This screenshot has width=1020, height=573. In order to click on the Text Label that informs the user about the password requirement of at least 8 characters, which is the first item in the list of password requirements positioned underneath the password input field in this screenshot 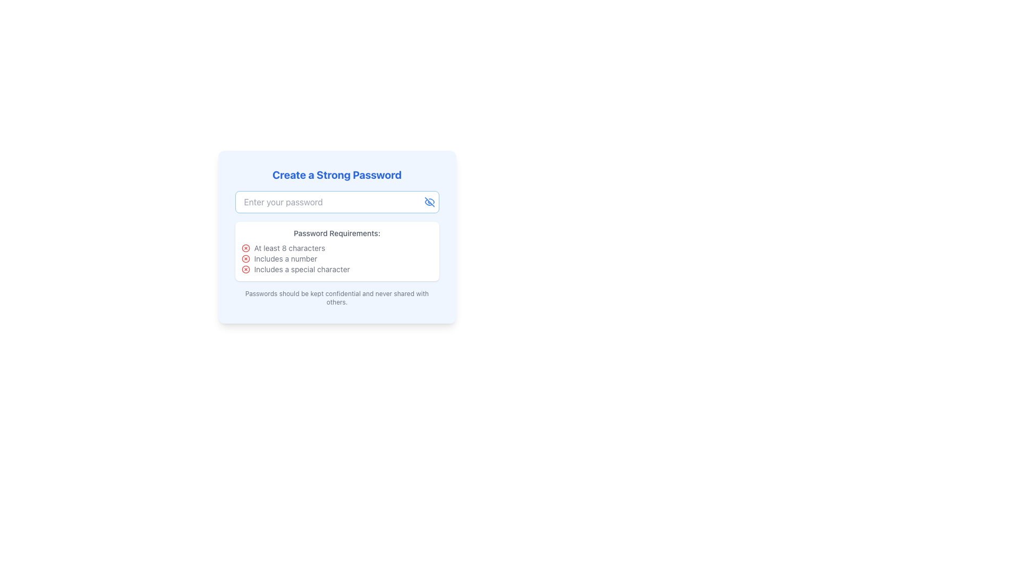, I will do `click(290, 248)`.